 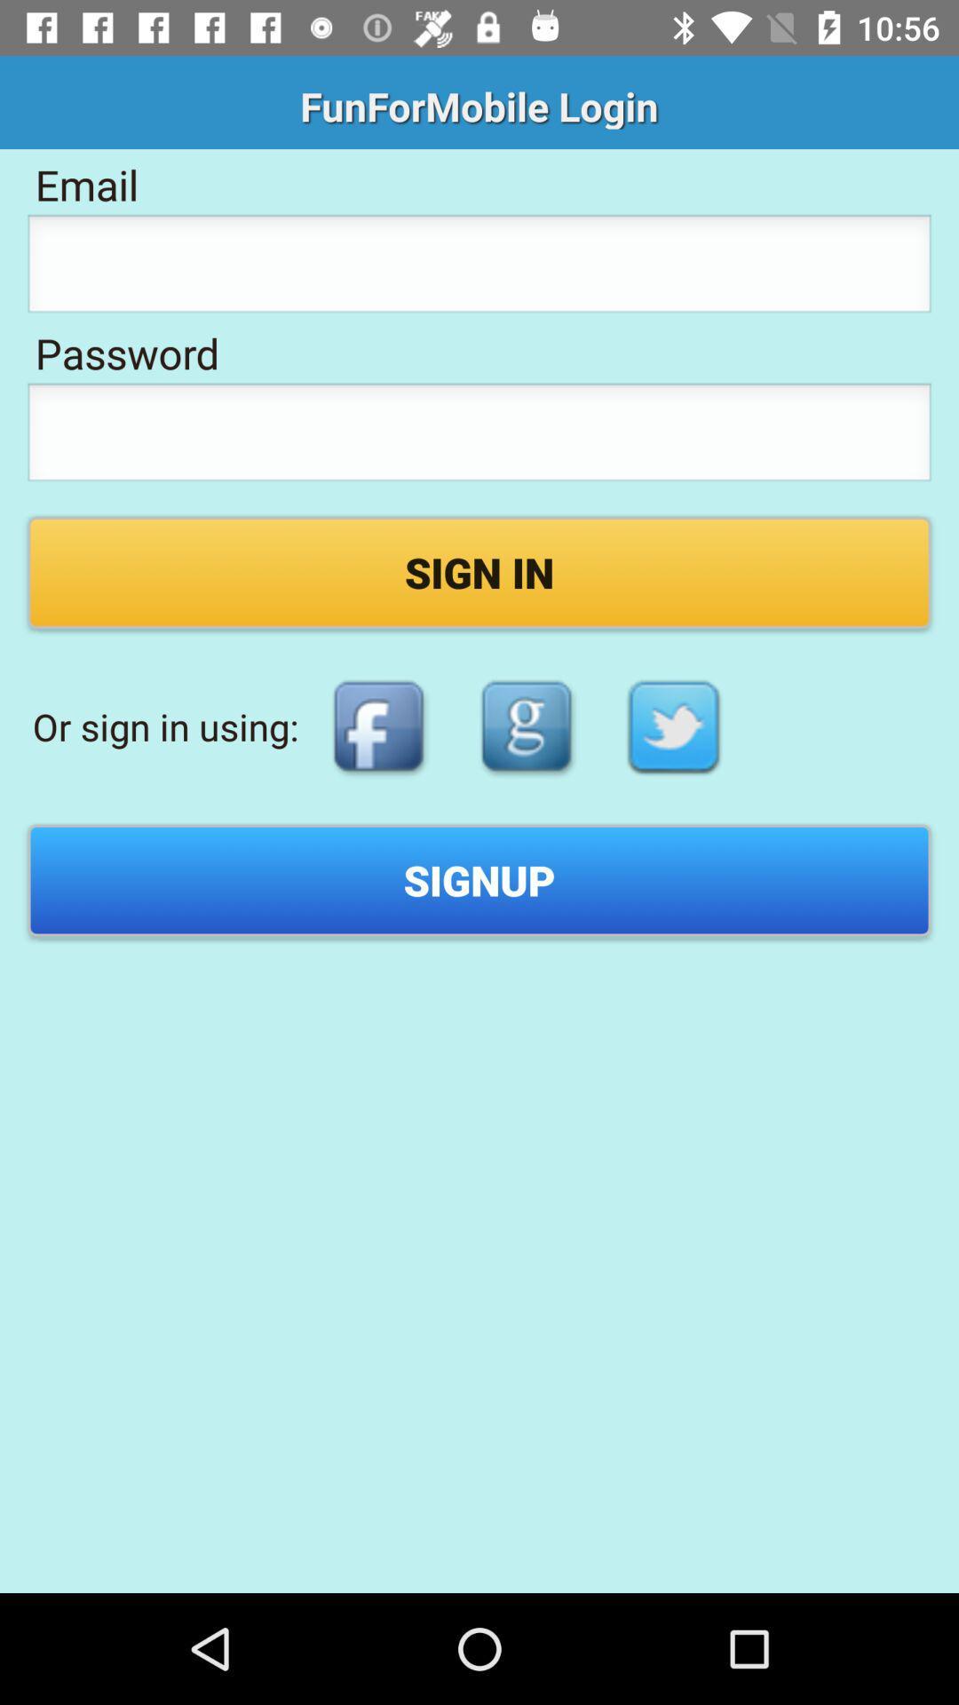 What do you see at coordinates (479, 267) in the screenshot?
I see `email` at bounding box center [479, 267].